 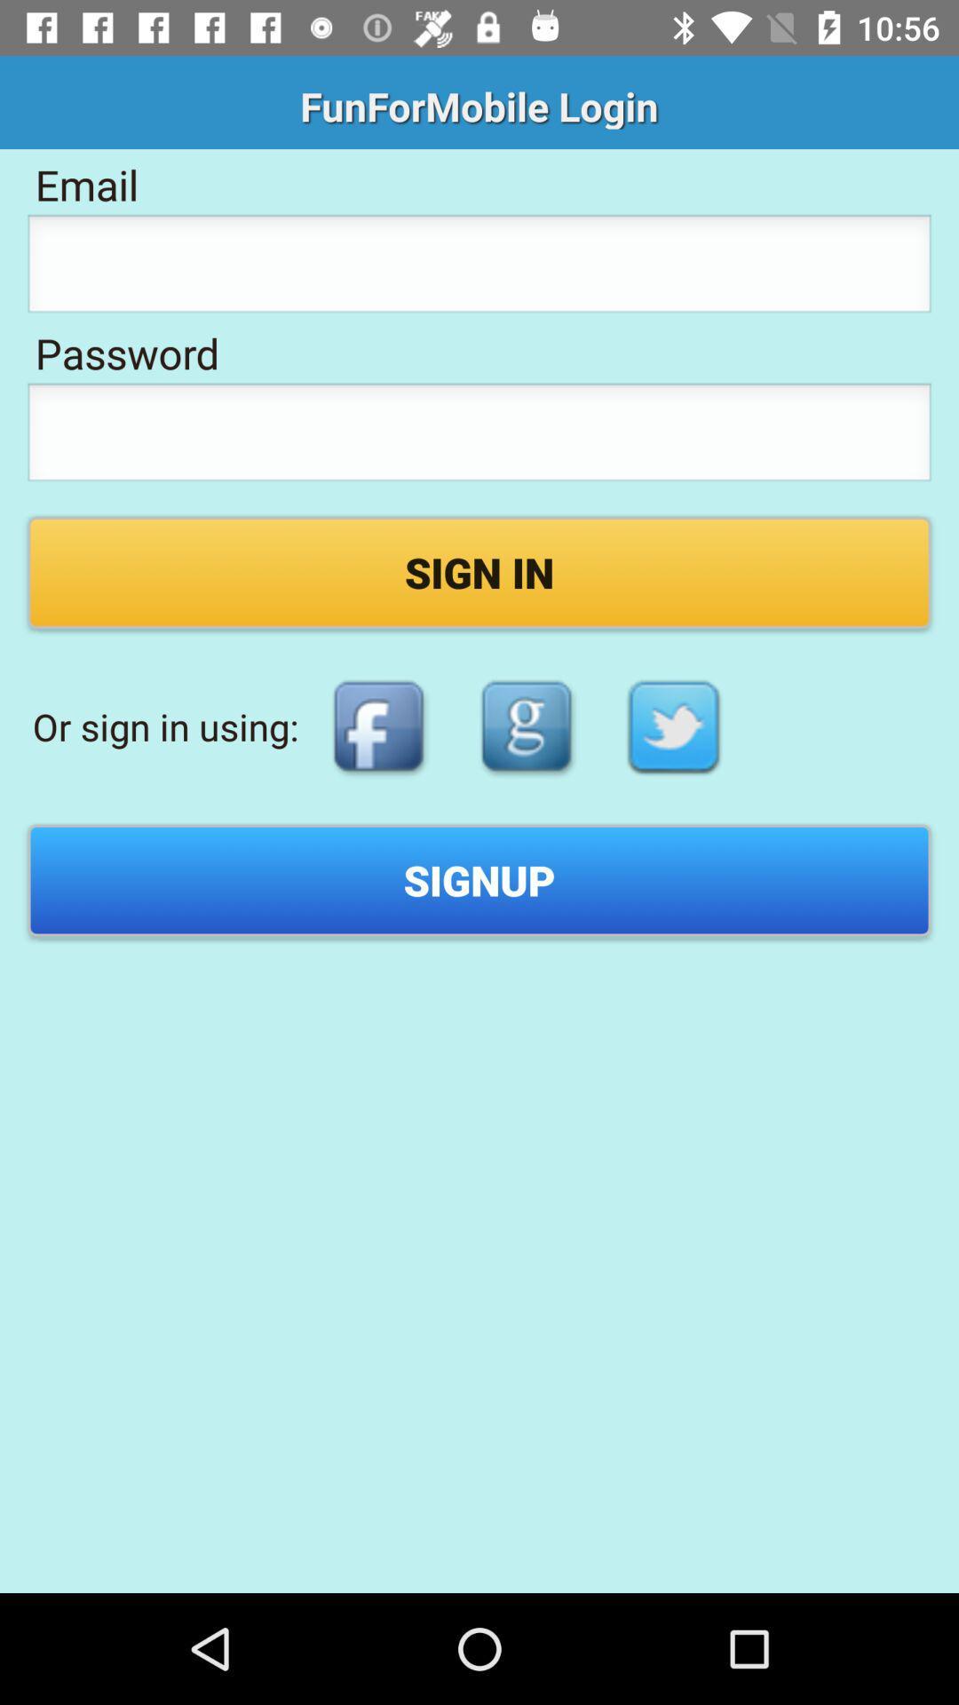 What do you see at coordinates (479, 267) in the screenshot?
I see `email` at bounding box center [479, 267].